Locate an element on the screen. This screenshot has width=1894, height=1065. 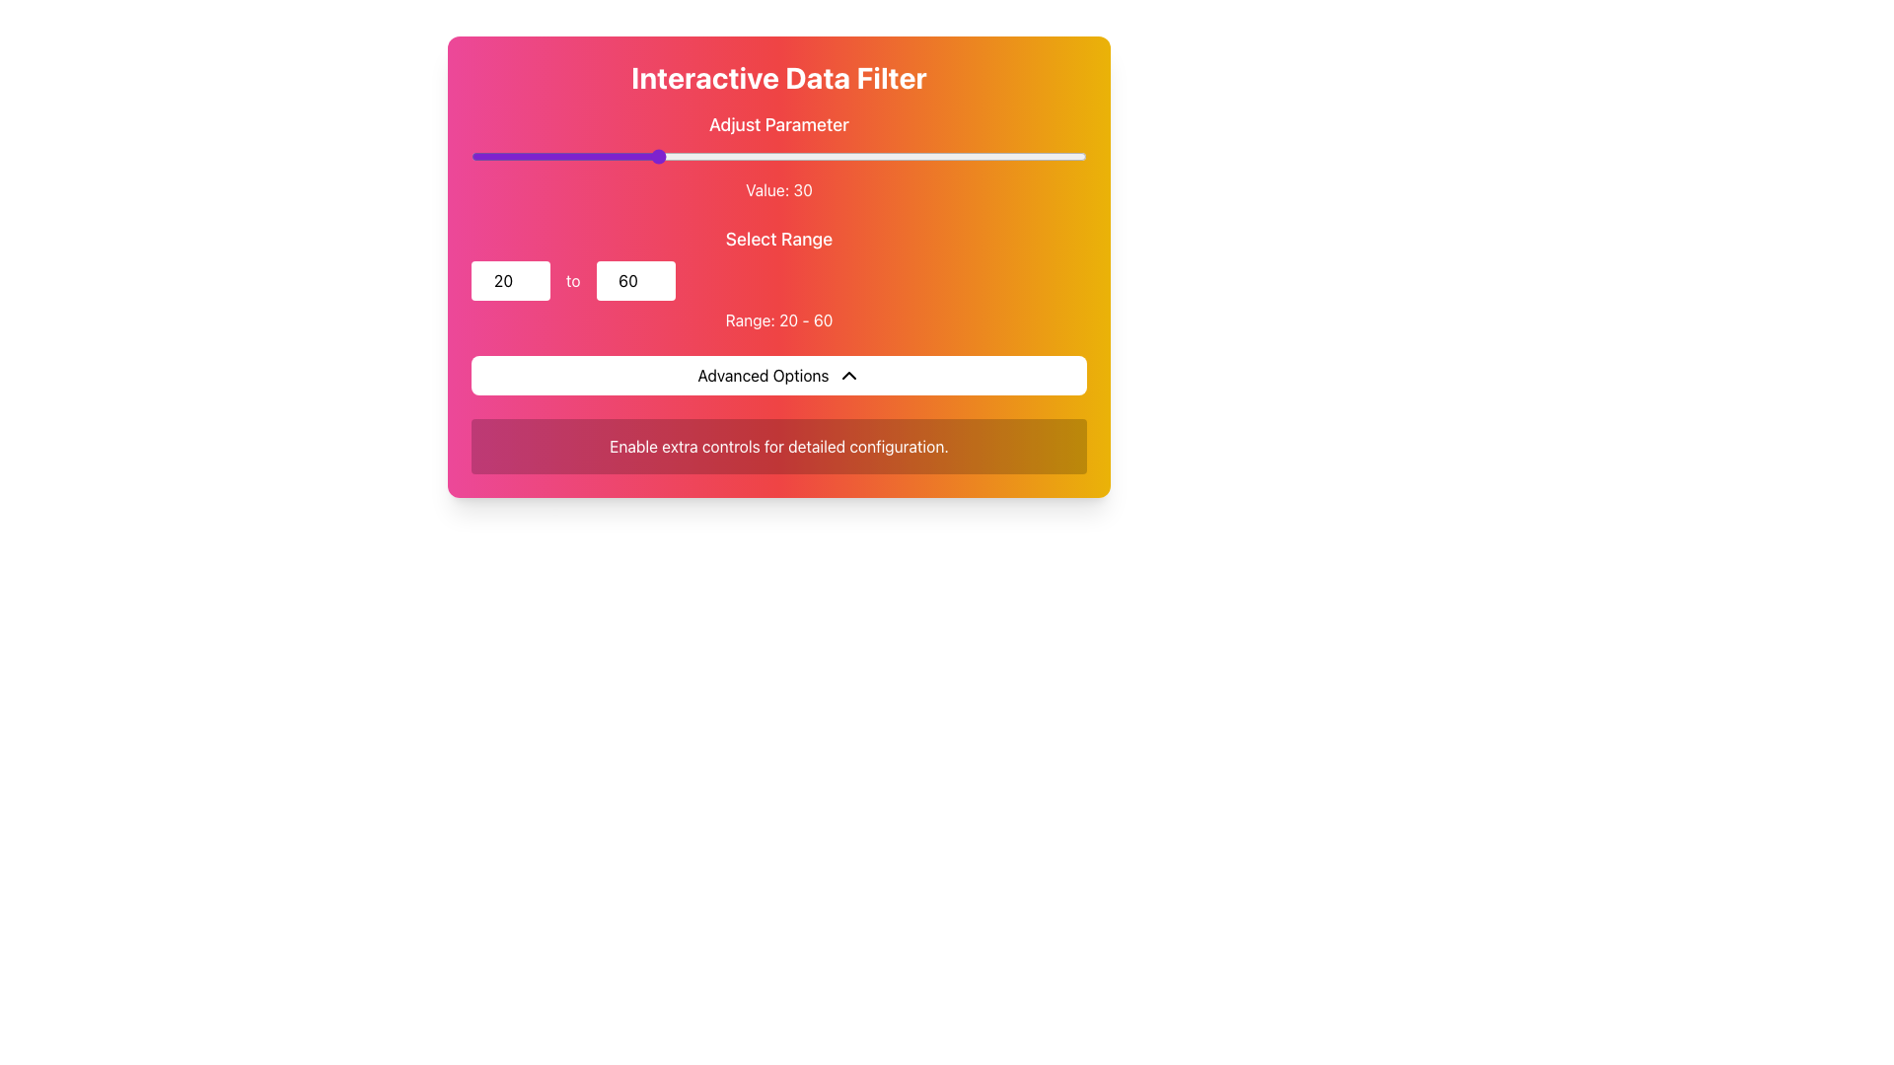
the text label that reads 'Enable extra controls for detailed configuration.' which has a gradient red and yellow background and is positioned below the 'Advanced Options' button is located at coordinates (778, 446).